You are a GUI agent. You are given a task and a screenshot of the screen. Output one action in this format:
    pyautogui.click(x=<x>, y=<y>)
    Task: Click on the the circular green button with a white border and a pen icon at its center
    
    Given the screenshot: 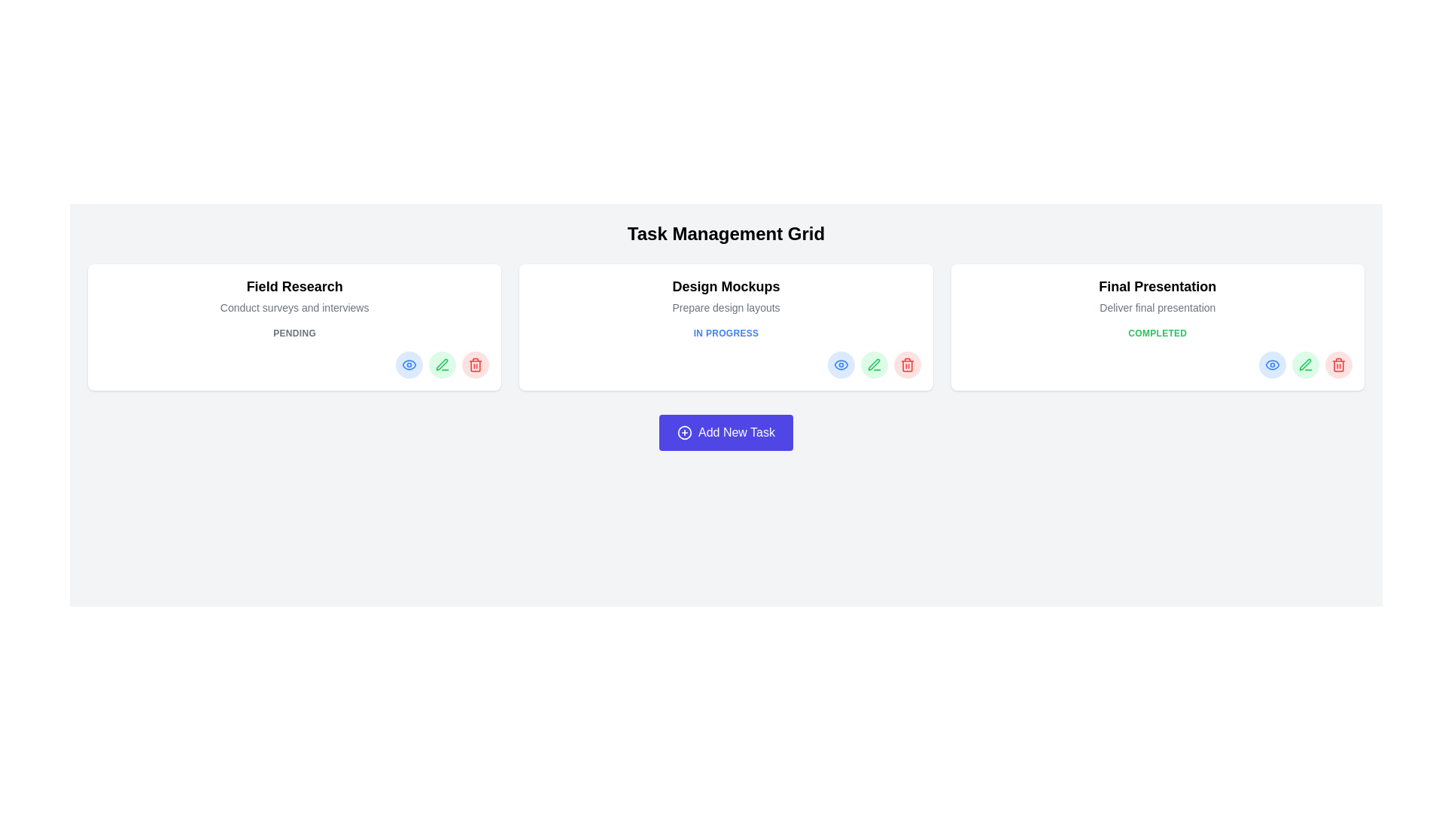 What is the action you would take?
    pyautogui.click(x=442, y=365)
    